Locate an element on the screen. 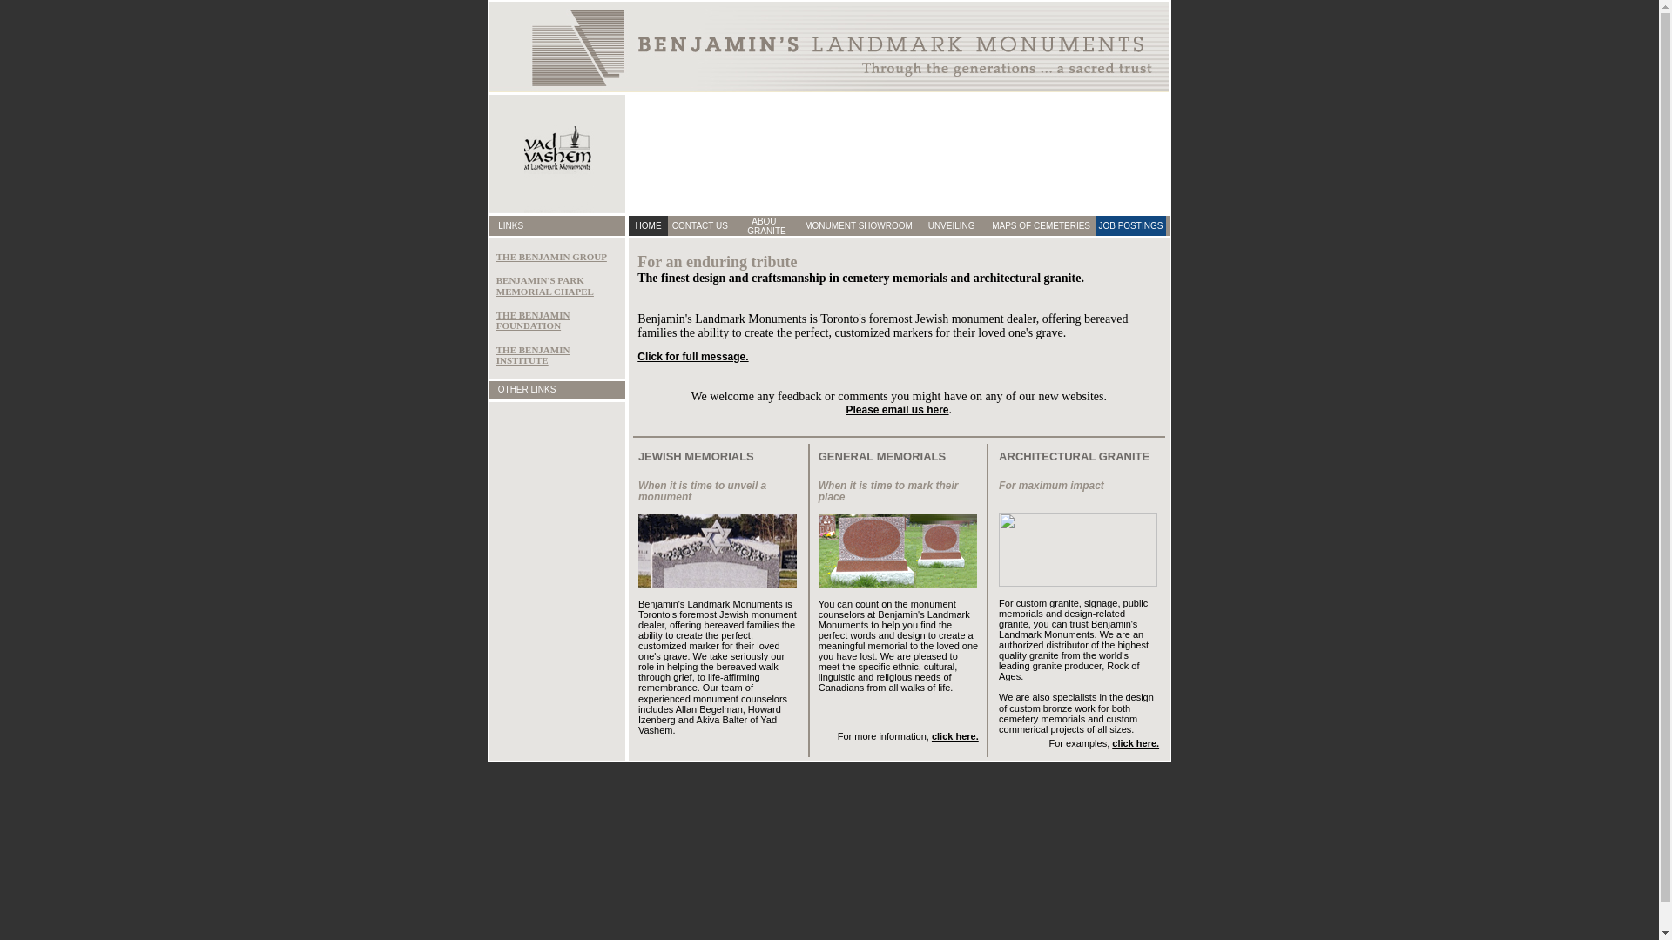 Image resolution: width=1672 pixels, height=940 pixels. 'click here.' is located at coordinates (1136, 742).